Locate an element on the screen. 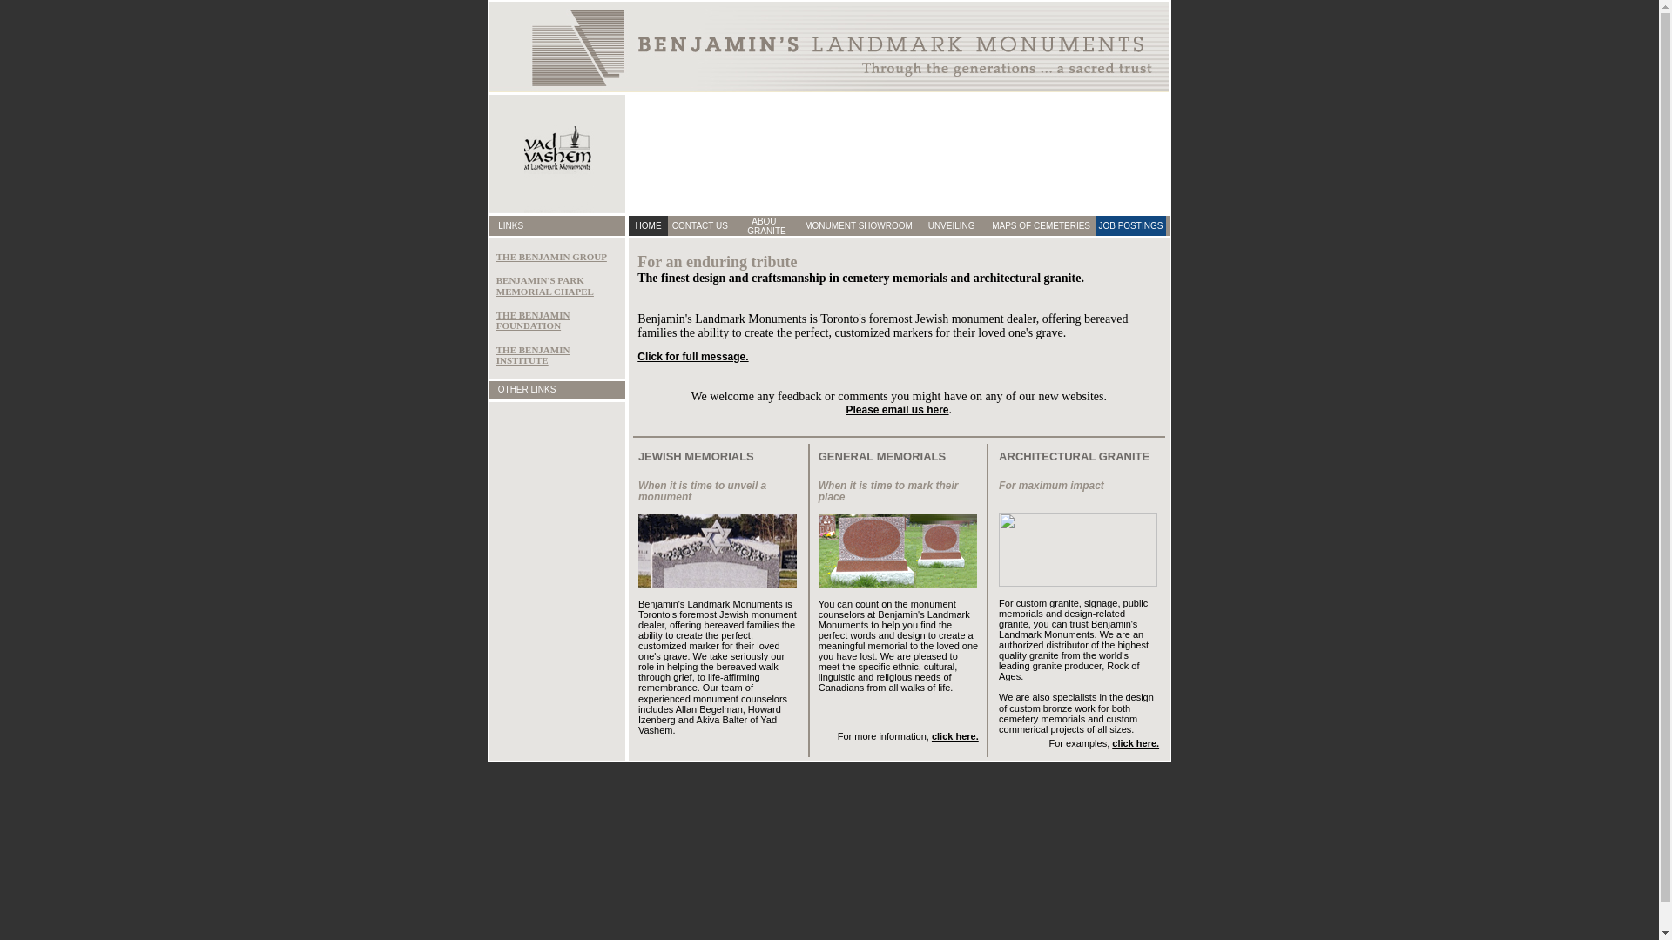 Image resolution: width=1672 pixels, height=940 pixels. 'click here.' is located at coordinates (1136, 742).